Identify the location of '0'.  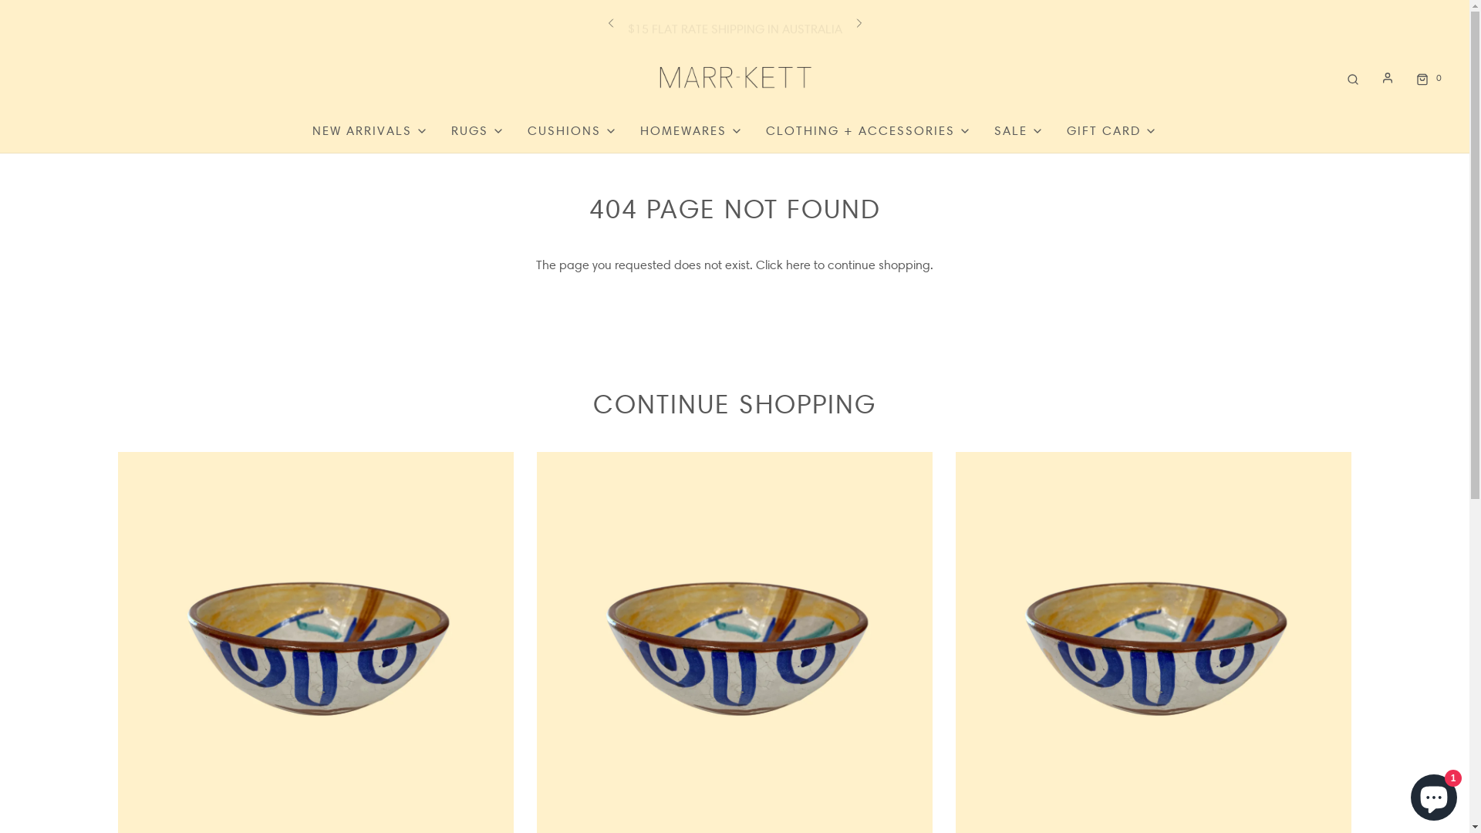
(1426, 77).